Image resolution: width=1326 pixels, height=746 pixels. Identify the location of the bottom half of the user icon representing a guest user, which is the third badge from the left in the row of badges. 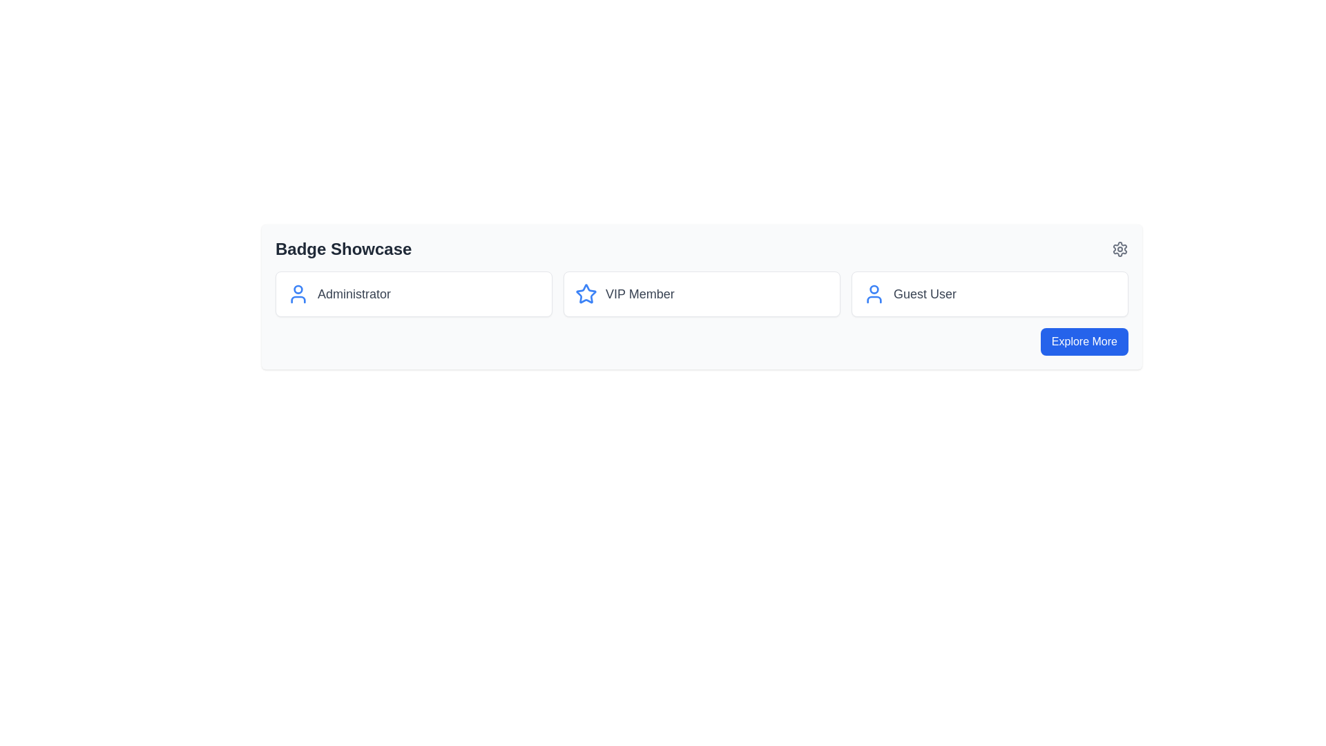
(874, 299).